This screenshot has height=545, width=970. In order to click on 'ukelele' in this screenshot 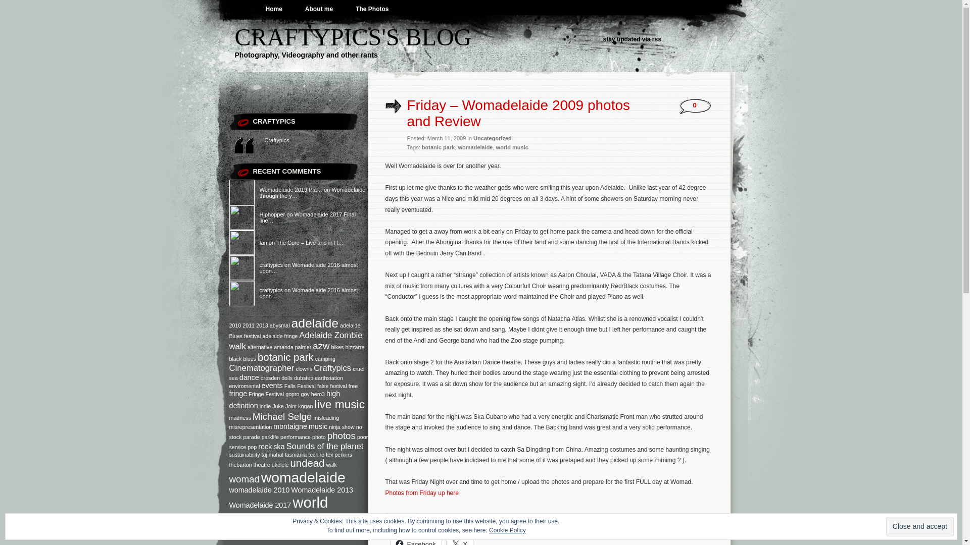, I will do `click(280, 465)`.